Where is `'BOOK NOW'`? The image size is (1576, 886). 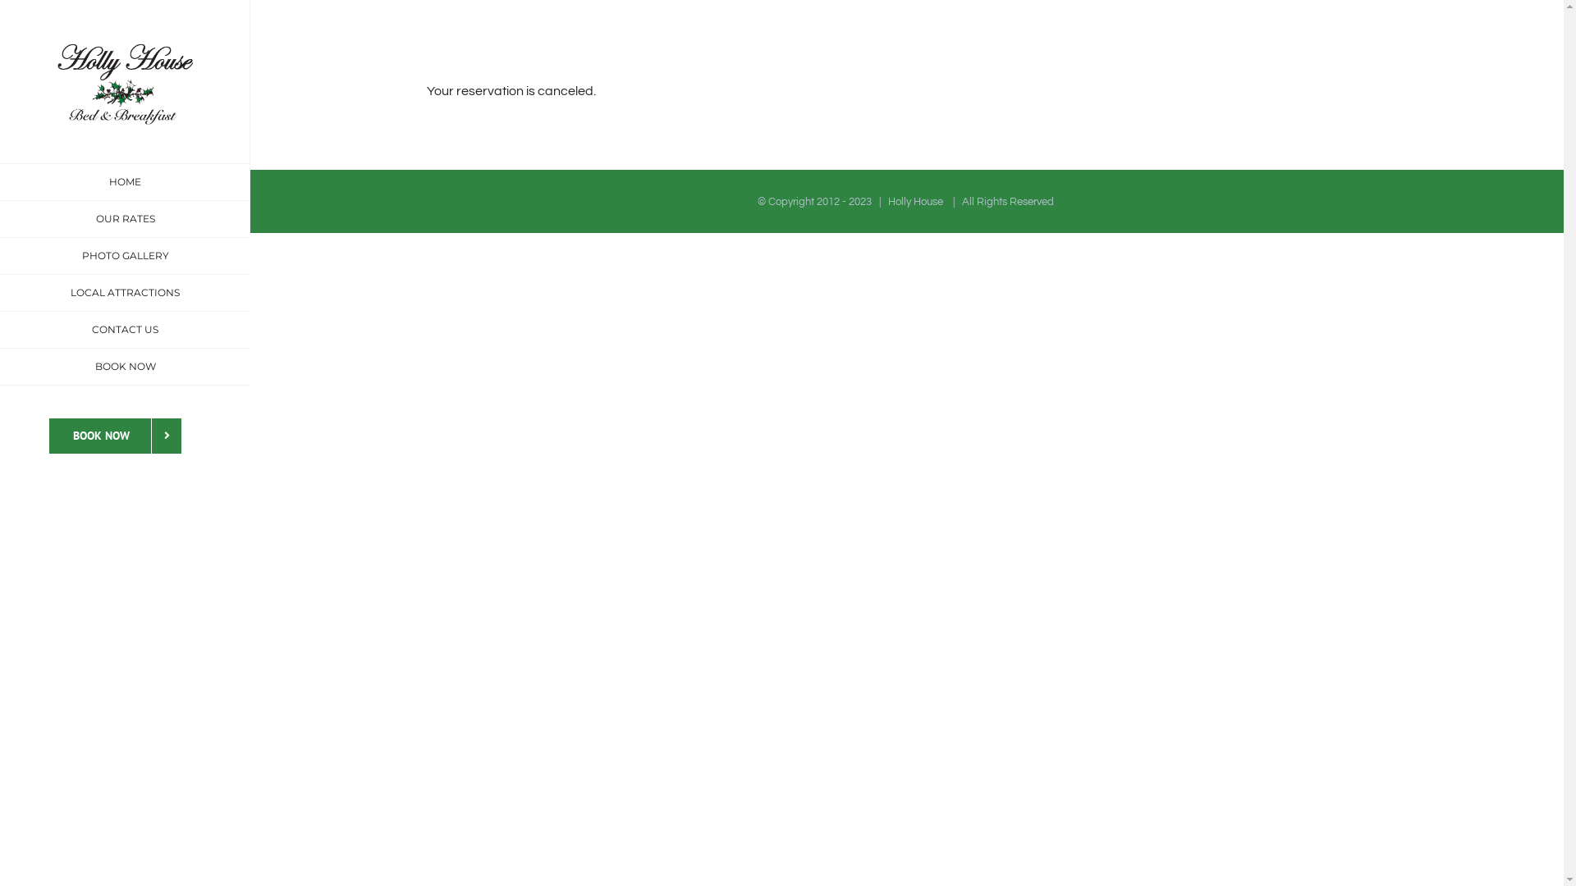 'BOOK NOW' is located at coordinates (114, 435).